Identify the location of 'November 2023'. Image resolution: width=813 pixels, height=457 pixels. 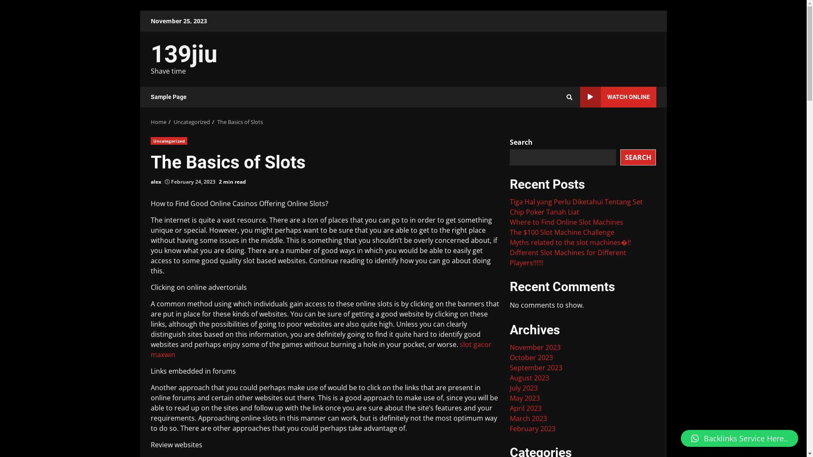
(534, 347).